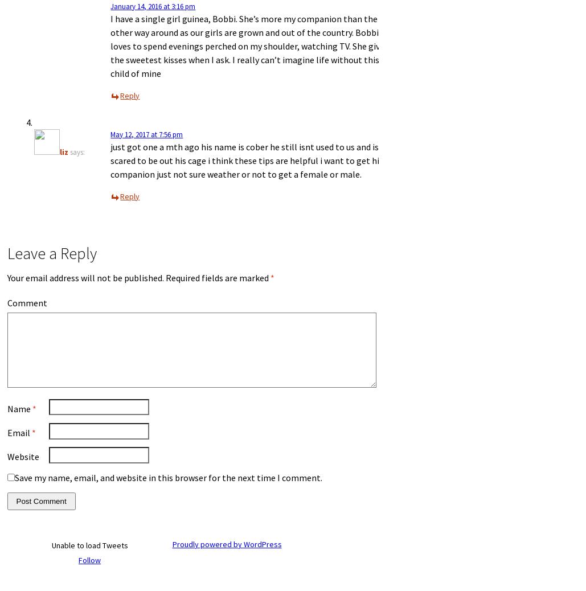 The width and height of the screenshot is (586, 591). What do you see at coordinates (7, 252) in the screenshot?
I see `'Leave a Reply'` at bounding box center [7, 252].